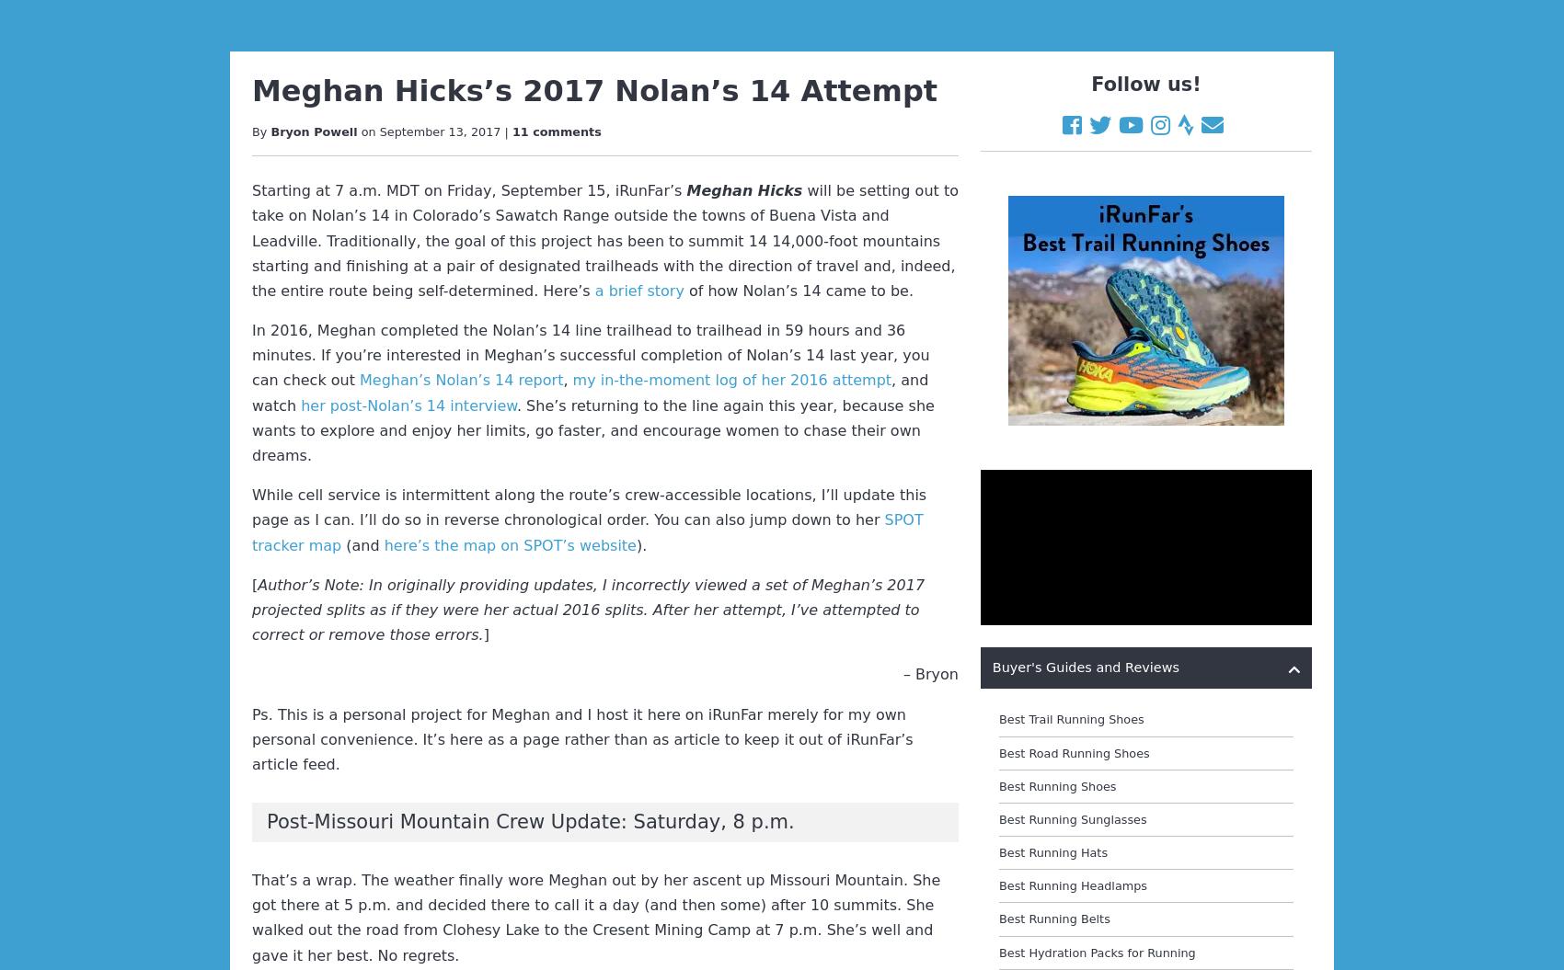 The height and width of the screenshot is (970, 1564). I want to click on 'Best Ultralight Sleeping Pads', so click(1083, 188).